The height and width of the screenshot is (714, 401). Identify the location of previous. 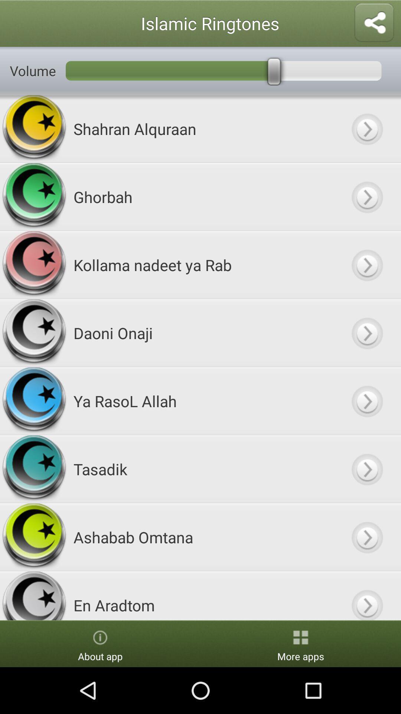
(366, 537).